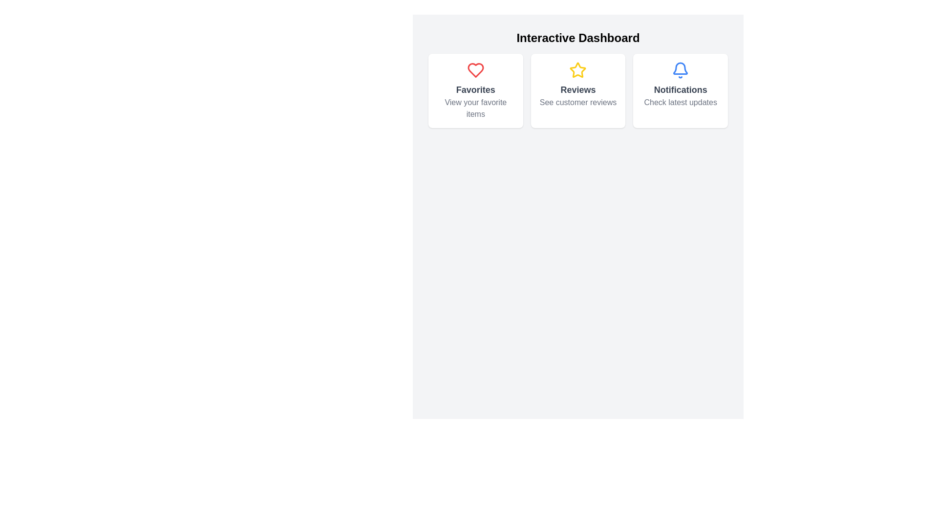 The width and height of the screenshot is (938, 528). Describe the element at coordinates (680, 69) in the screenshot. I see `the notification icon located at the center of the top section of the card labeled 'Notifications', which is positioned on the right side of a three-card layout` at that location.